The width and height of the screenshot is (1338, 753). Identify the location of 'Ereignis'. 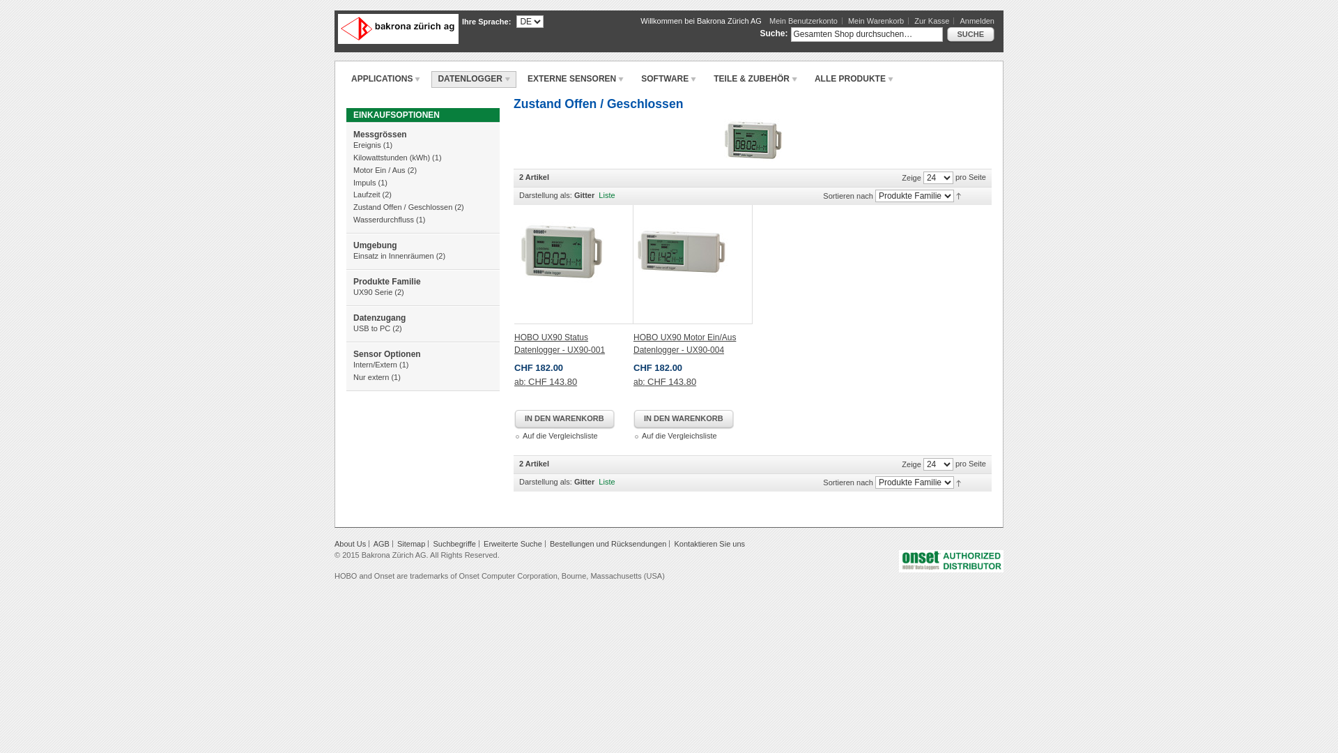
(367, 145).